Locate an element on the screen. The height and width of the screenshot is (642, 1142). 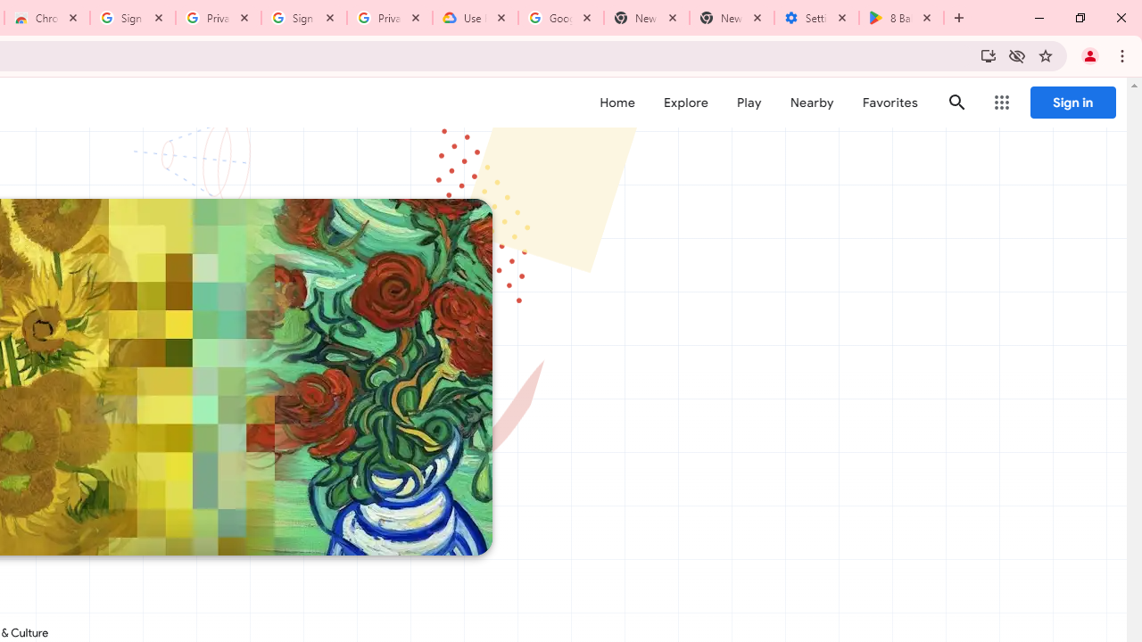
'Favorites' is located at coordinates (890, 103).